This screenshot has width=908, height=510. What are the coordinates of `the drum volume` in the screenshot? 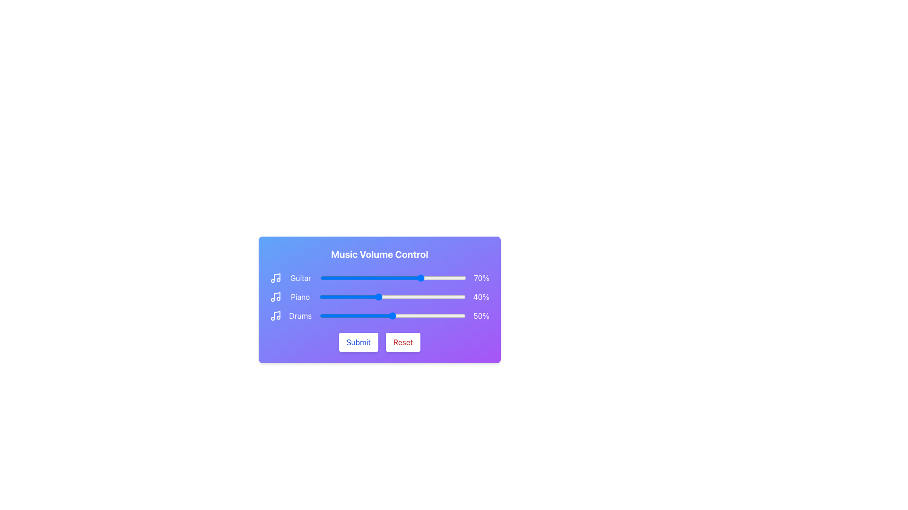 It's located at (433, 315).